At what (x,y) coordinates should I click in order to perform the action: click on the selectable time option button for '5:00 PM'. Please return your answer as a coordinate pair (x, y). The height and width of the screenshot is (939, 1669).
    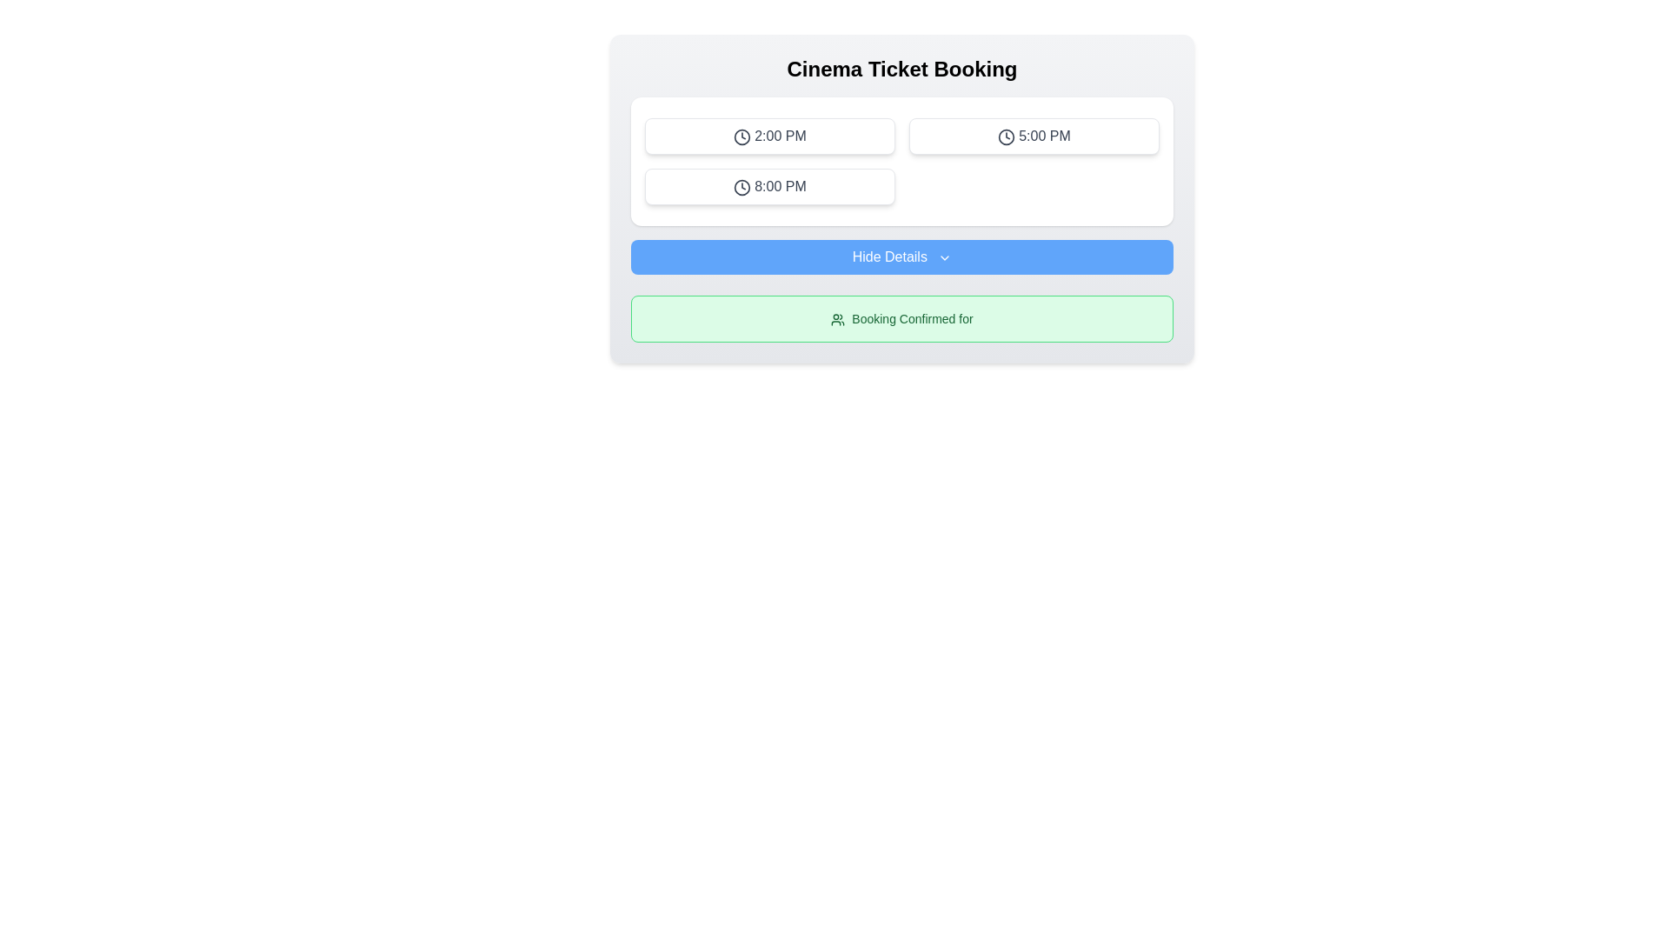
    Looking at the image, I should click on (1034, 136).